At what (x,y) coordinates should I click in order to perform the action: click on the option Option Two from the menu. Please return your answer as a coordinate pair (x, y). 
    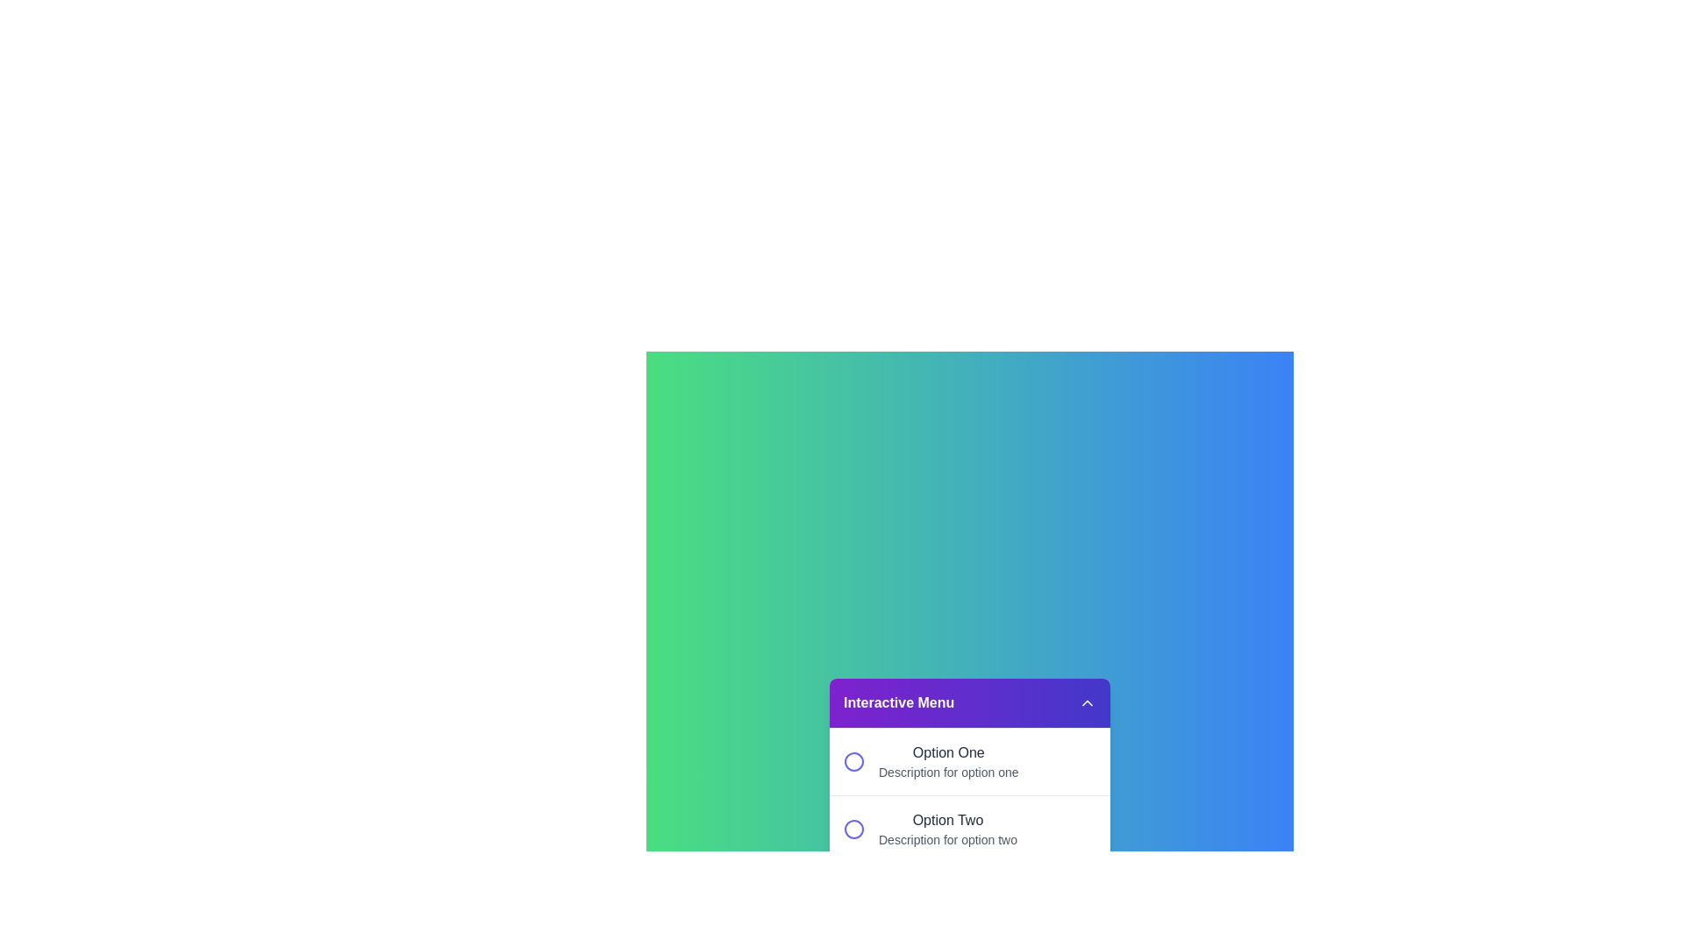
    Looking at the image, I should click on (968, 829).